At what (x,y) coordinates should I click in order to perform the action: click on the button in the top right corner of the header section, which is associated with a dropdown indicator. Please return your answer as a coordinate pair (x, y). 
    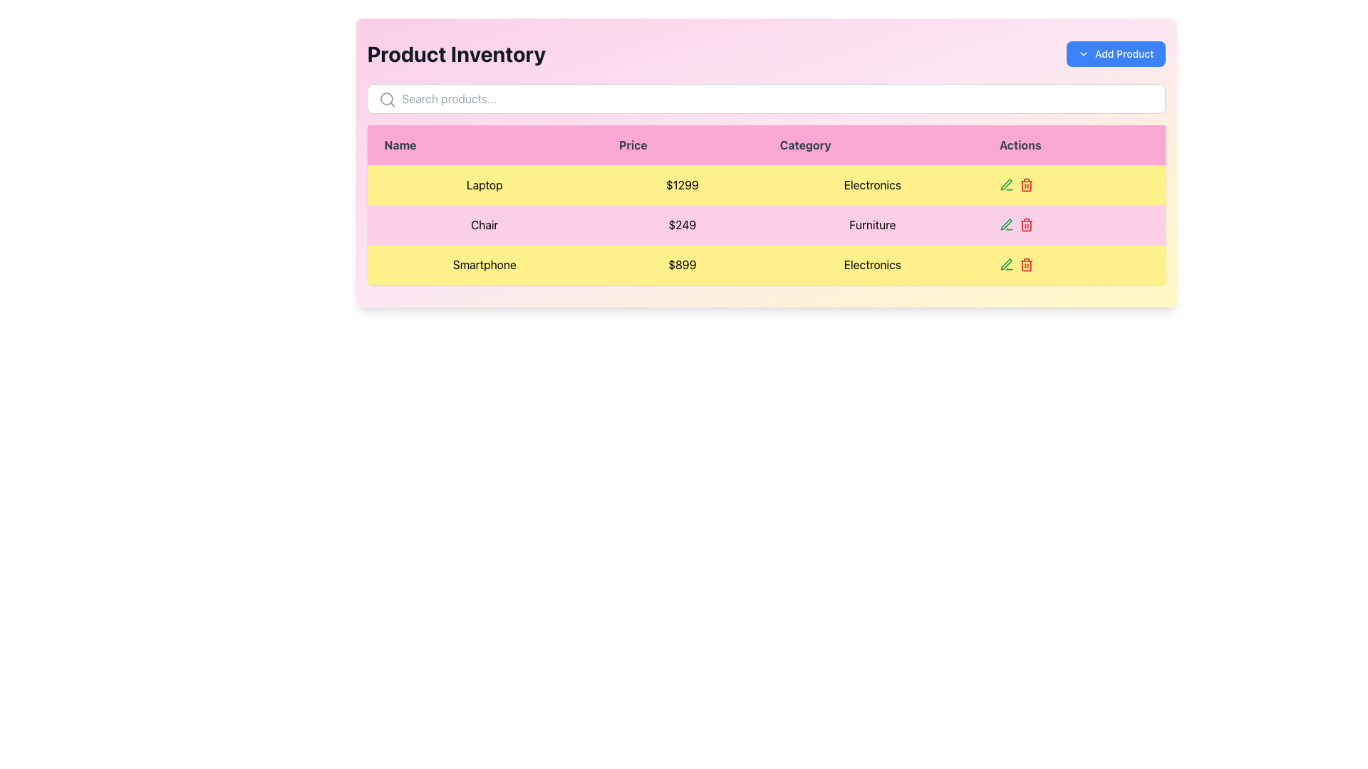
    Looking at the image, I should click on (1114, 53).